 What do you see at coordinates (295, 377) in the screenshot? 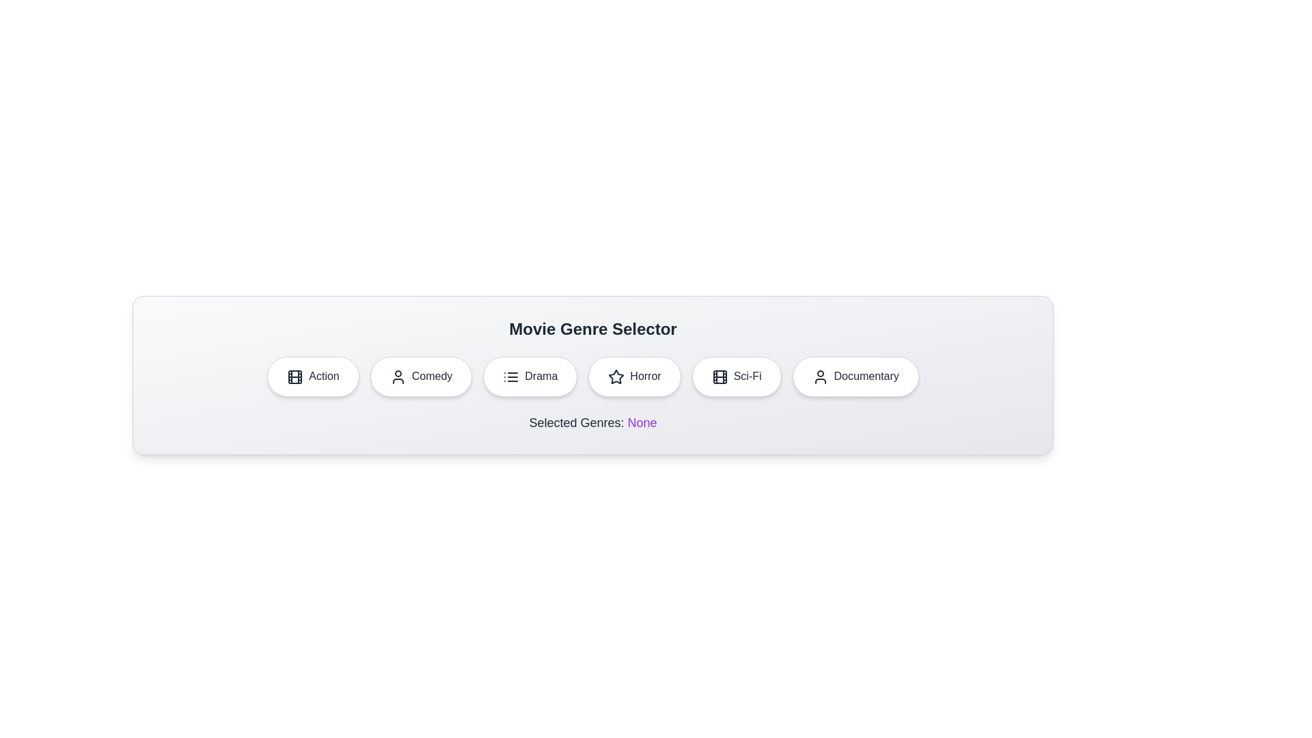
I see `the film reel icon located on the leftmost side of its group, adjacent to the text label 'Action', at the top-left corner of the button cluster` at bounding box center [295, 377].